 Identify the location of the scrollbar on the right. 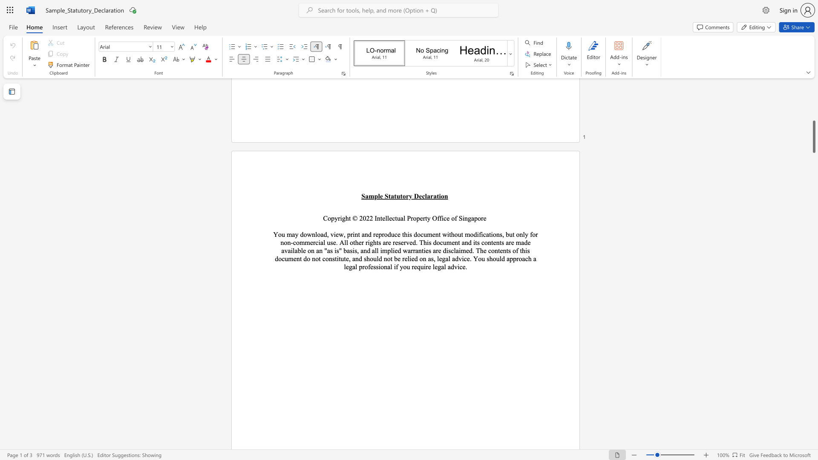
(813, 98).